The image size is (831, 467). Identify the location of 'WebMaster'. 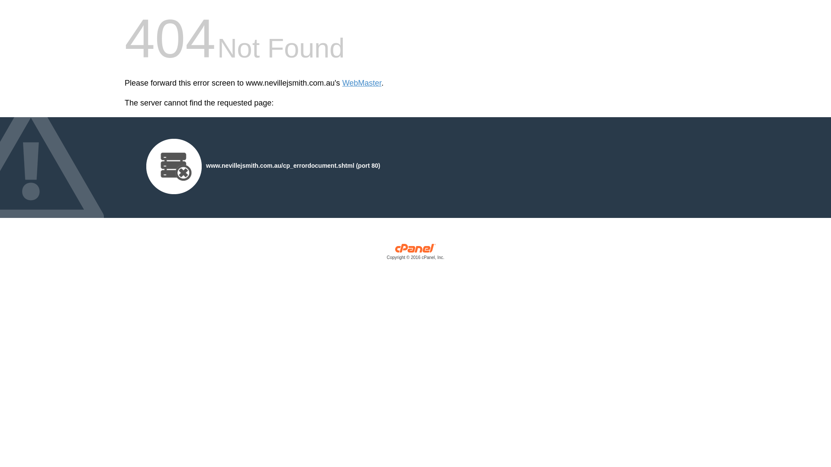
(342, 83).